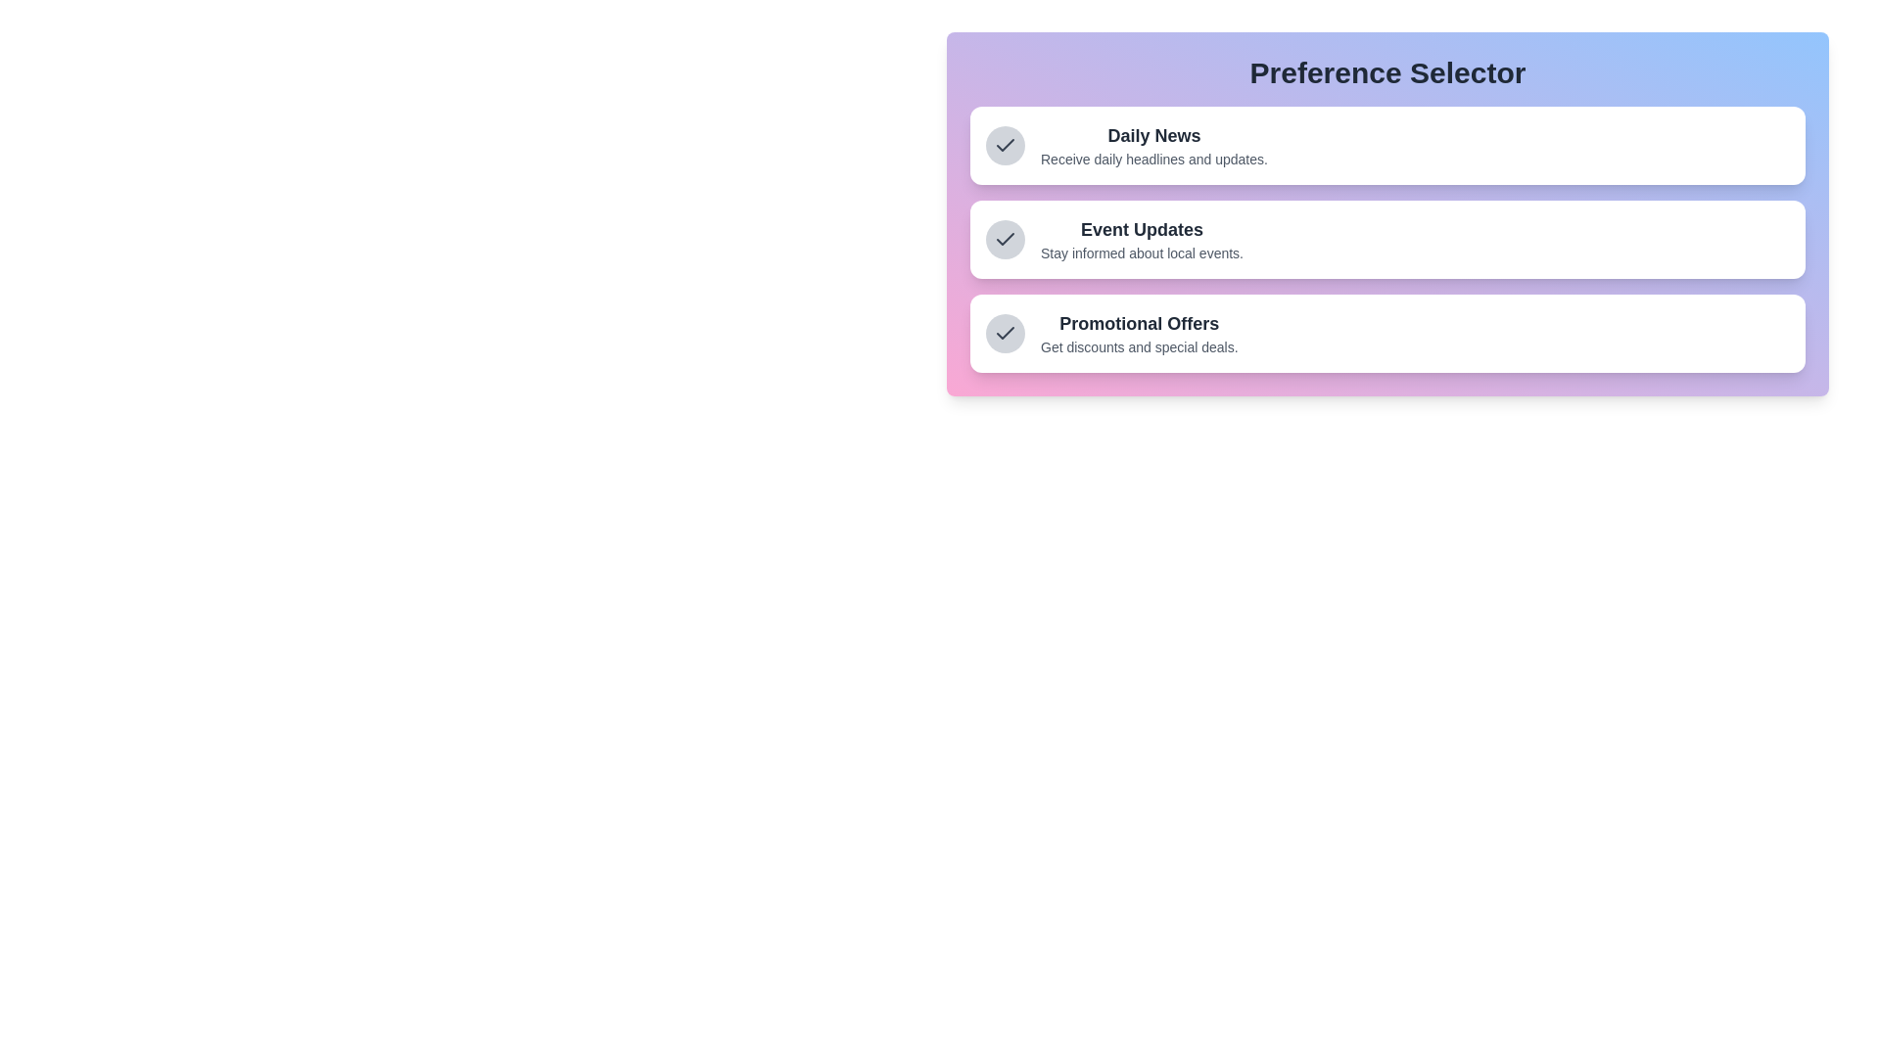 Image resolution: width=1880 pixels, height=1057 pixels. What do you see at coordinates (1006, 239) in the screenshot?
I see `the preference labeled 'Event Updates' by clicking its check button` at bounding box center [1006, 239].